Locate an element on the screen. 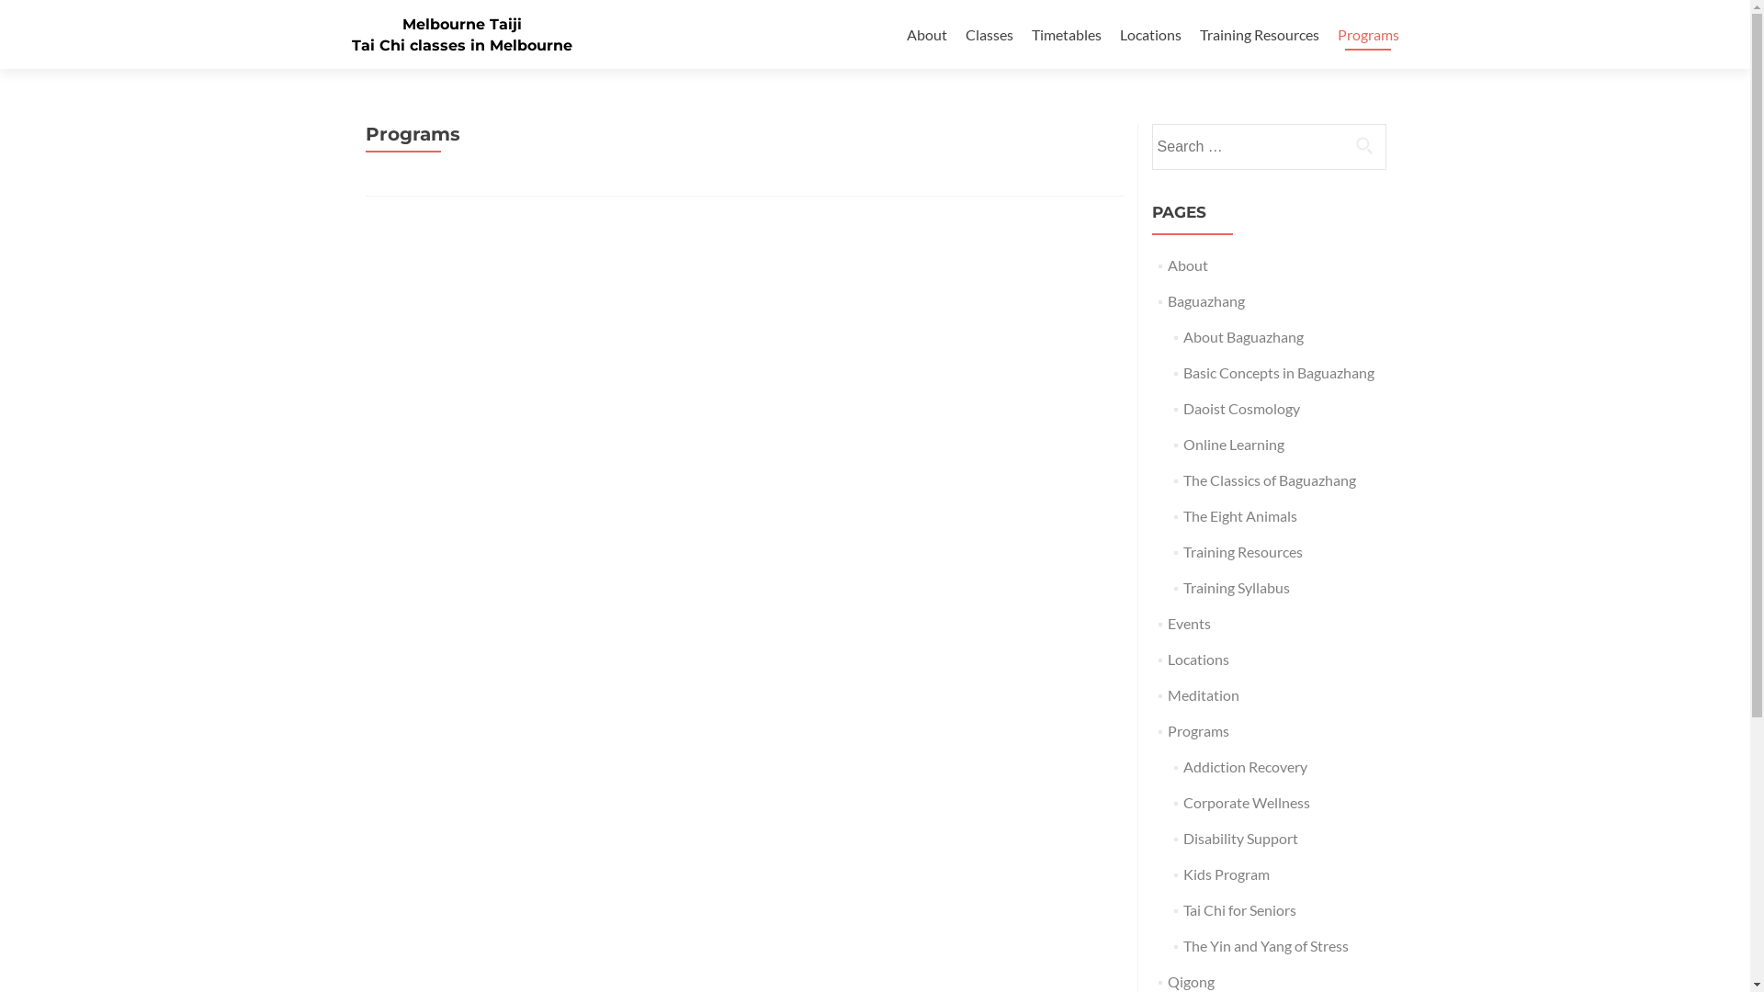 This screenshot has height=992, width=1764. 'About' is located at coordinates (1187, 265).